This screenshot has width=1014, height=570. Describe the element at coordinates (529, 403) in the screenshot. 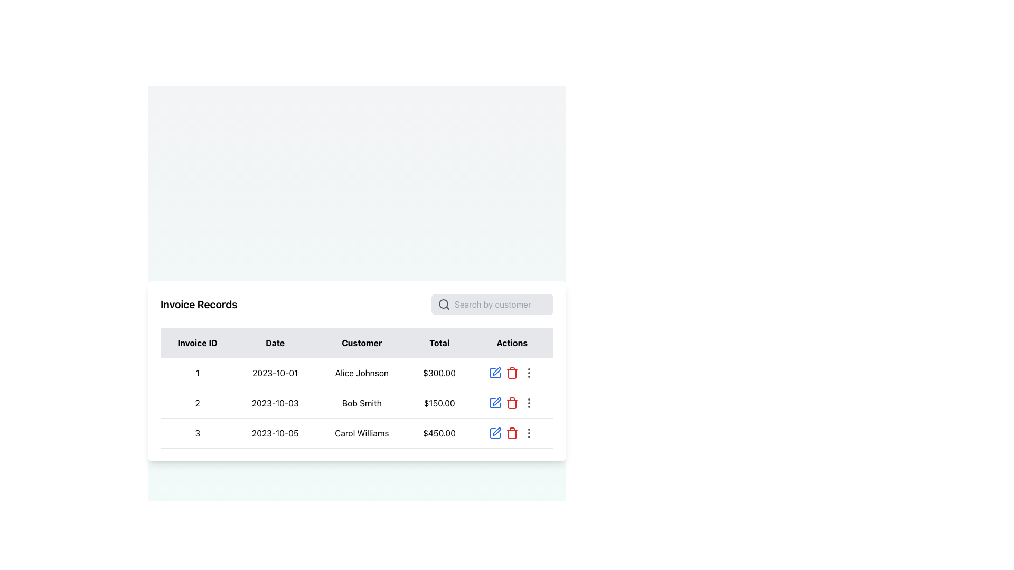

I see `the interactive button in the 'Actions' column for the record of 'Bob Smith'` at that location.